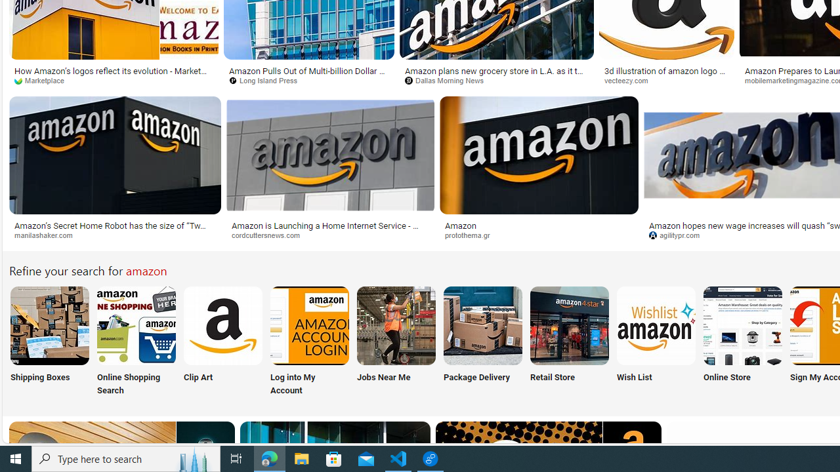 The height and width of the screenshot is (472, 840). What do you see at coordinates (48, 234) in the screenshot?
I see `'manilashaker.com'` at bounding box center [48, 234].